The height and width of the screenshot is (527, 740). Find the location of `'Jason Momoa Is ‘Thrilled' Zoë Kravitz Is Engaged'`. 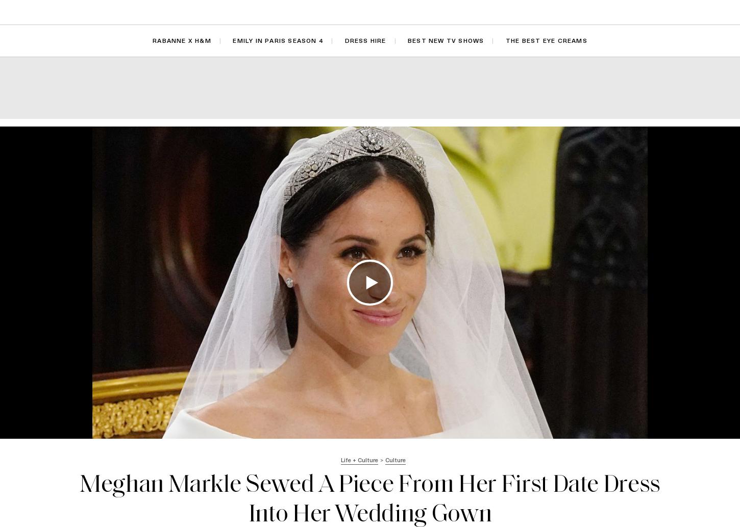

'Jason Momoa Is ‘Thrilled' Zoë Kravitz Is Engaged' is located at coordinates (144, 322).